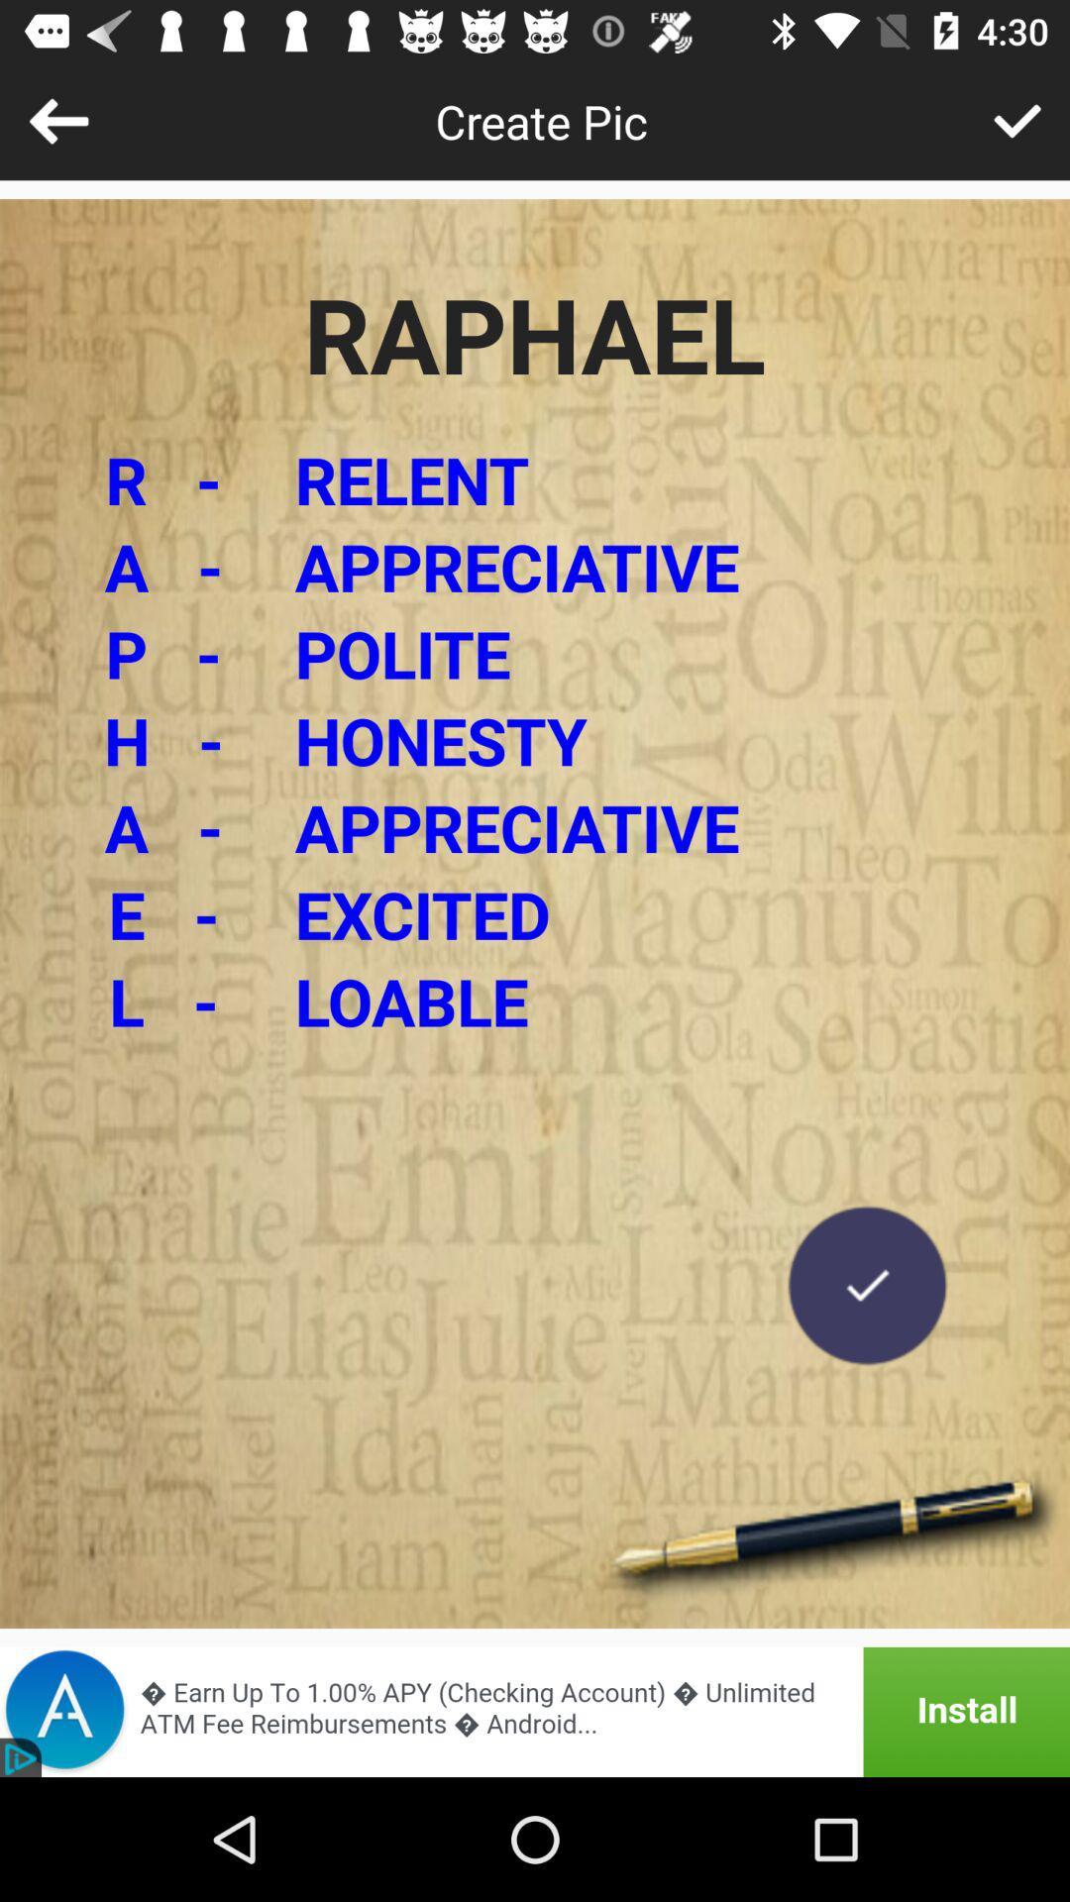 This screenshot has width=1070, height=1902. What do you see at coordinates (57, 120) in the screenshot?
I see `the arrow_backward icon` at bounding box center [57, 120].